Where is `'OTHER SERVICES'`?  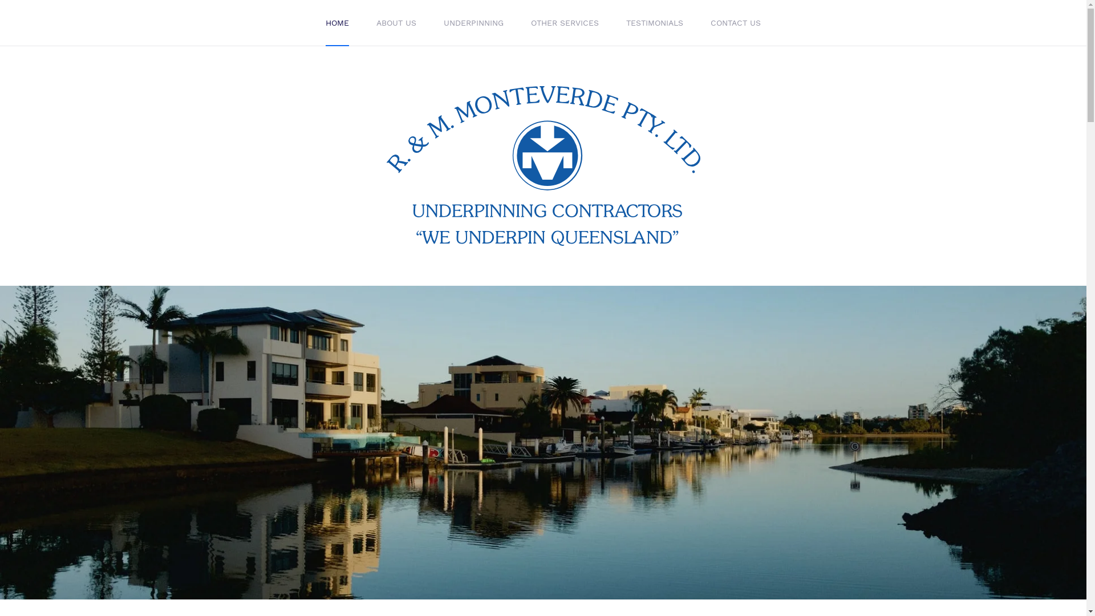
'OTHER SERVICES' is located at coordinates (517, 22).